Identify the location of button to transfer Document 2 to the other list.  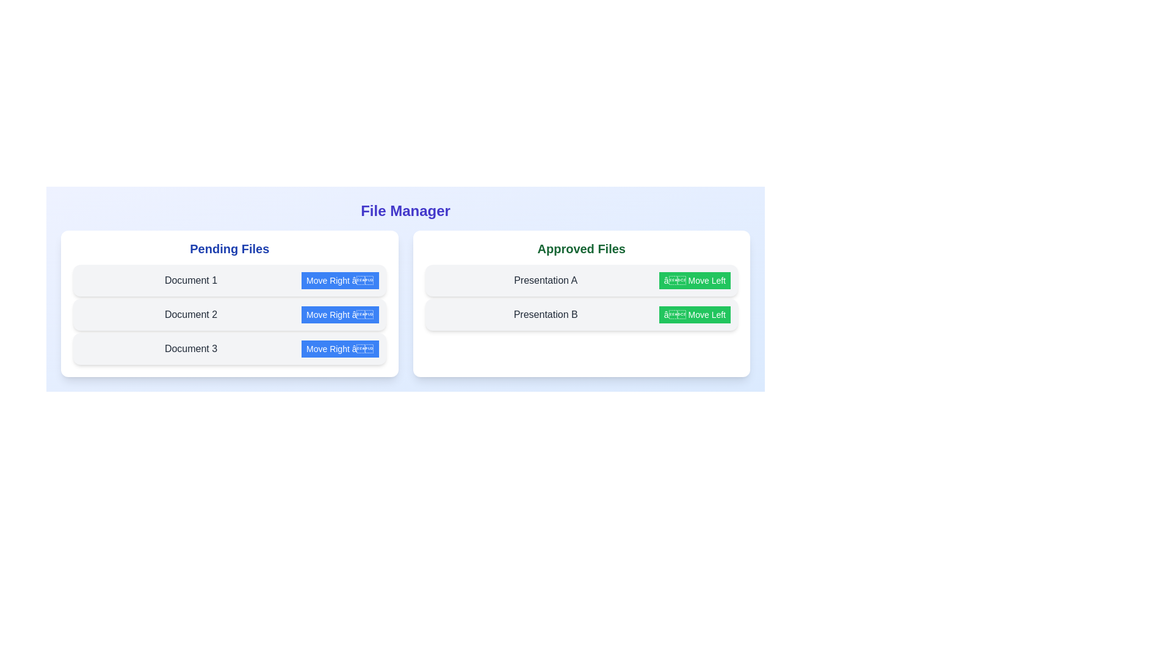
(340, 314).